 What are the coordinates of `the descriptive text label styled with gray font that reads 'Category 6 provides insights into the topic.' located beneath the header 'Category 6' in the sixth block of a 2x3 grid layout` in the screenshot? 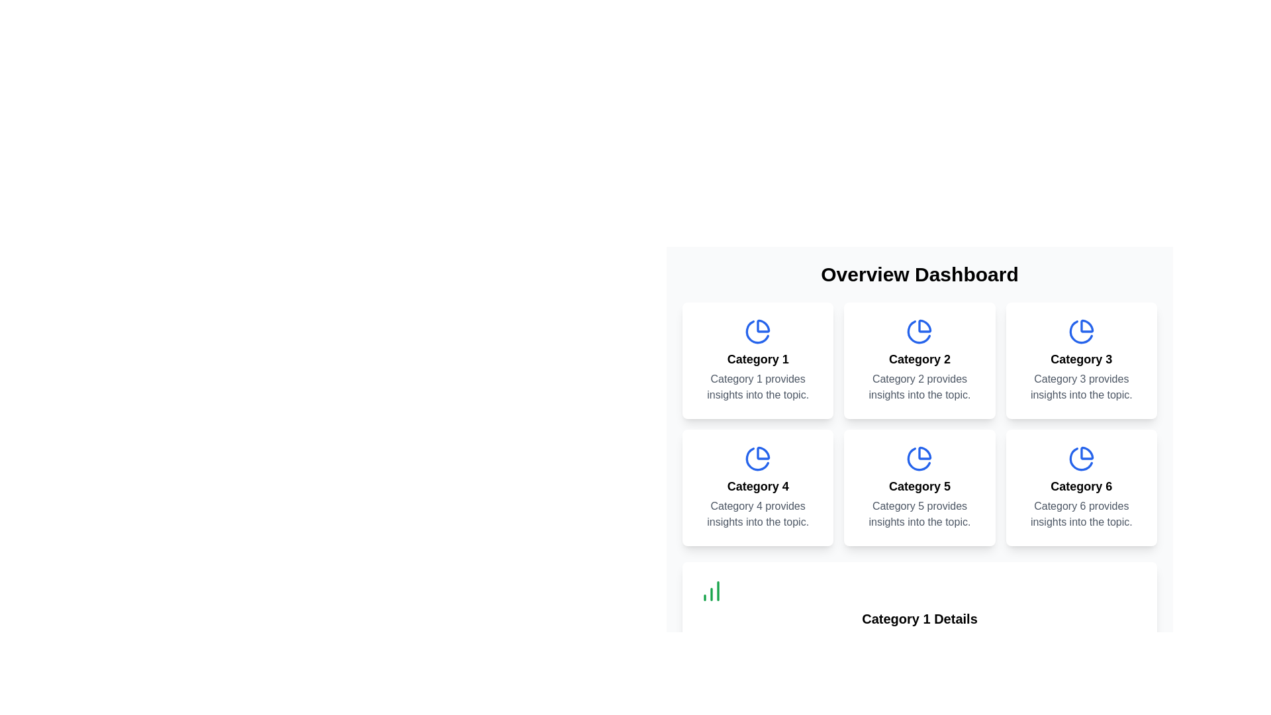 It's located at (1081, 513).